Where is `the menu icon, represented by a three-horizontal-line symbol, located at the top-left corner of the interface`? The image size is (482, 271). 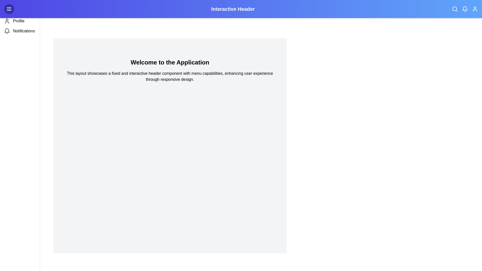
the menu icon, represented by a three-horizontal-line symbol, located at the top-left corner of the interface is located at coordinates (9, 9).